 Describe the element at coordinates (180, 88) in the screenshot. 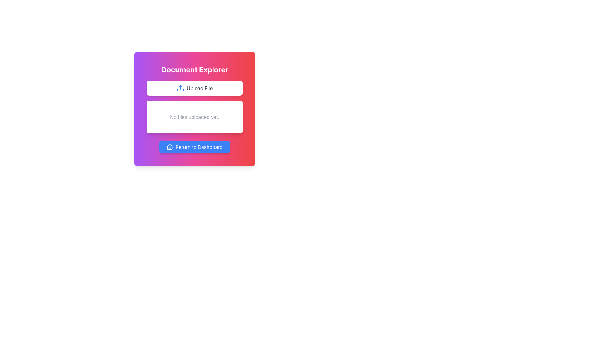

I see `the file upload icon located to the left of the 'Upload File' text within the button in the 'Document Explorer' panel` at that location.